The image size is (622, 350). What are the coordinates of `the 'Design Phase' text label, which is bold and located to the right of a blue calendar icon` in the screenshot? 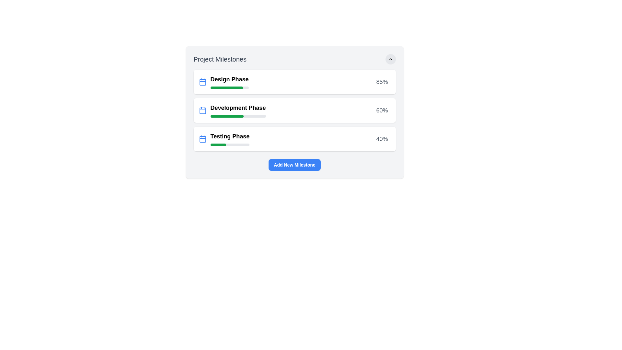 It's located at (229, 82).